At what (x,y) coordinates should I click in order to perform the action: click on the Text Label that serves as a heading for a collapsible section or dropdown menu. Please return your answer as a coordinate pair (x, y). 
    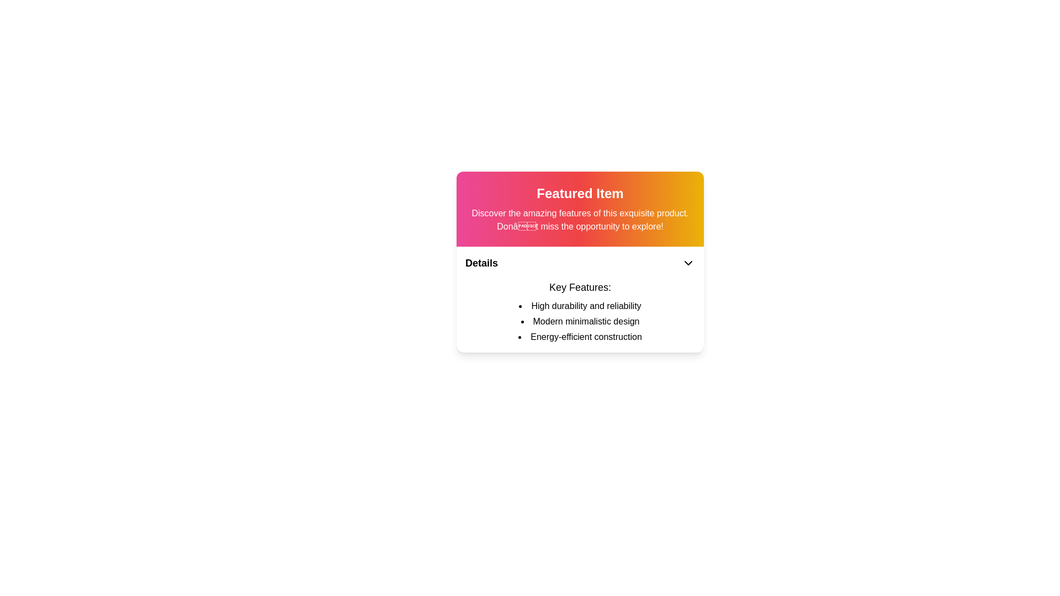
    Looking at the image, I should click on (481, 263).